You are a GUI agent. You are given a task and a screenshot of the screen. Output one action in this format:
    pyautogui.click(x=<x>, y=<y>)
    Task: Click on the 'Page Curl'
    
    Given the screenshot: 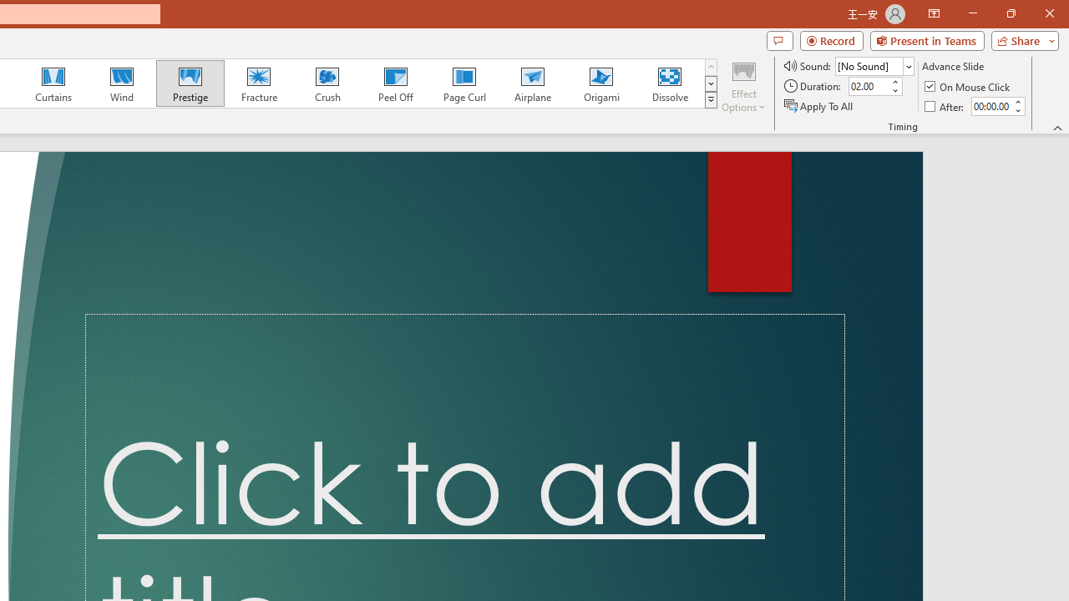 What is the action you would take?
    pyautogui.click(x=464, y=83)
    